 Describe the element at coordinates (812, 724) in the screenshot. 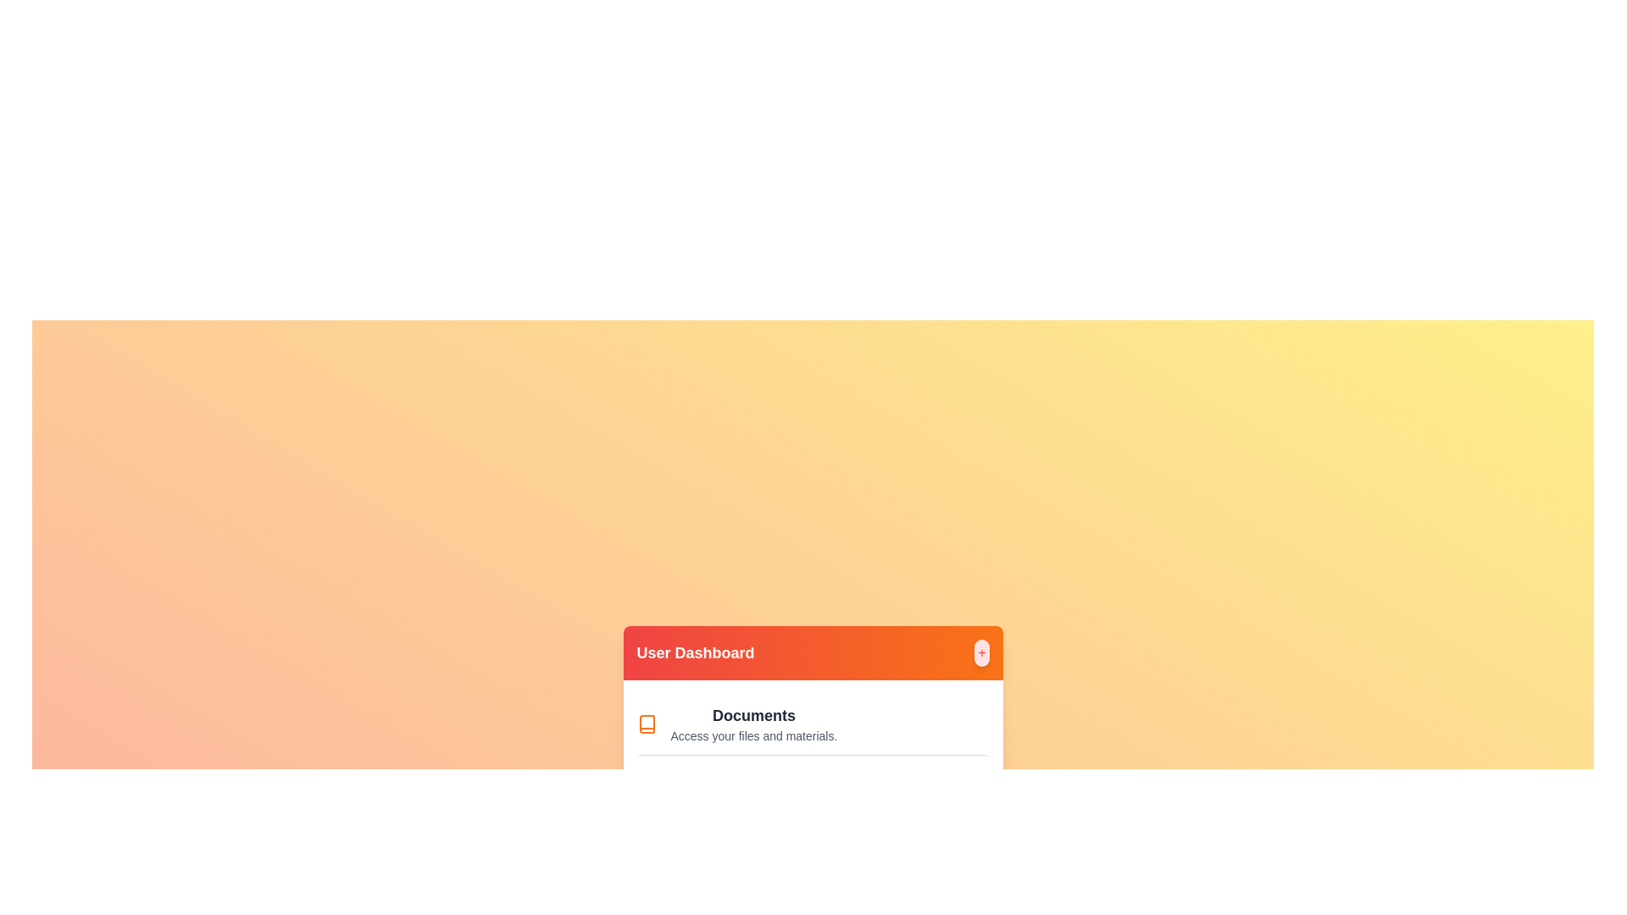

I see `the menu item Documents to view its hover effect` at that location.